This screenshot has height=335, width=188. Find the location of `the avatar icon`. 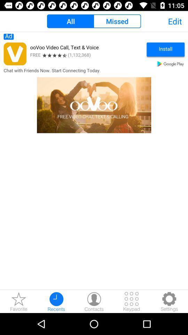

the avatar icon is located at coordinates (94, 301).